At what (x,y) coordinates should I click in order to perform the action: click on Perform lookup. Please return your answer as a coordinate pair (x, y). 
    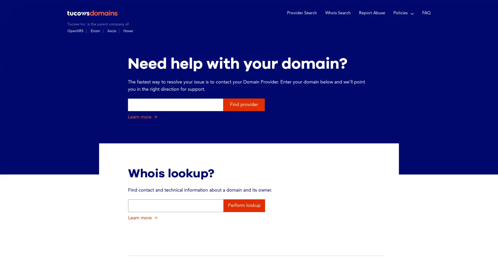
    Looking at the image, I should click on (244, 205).